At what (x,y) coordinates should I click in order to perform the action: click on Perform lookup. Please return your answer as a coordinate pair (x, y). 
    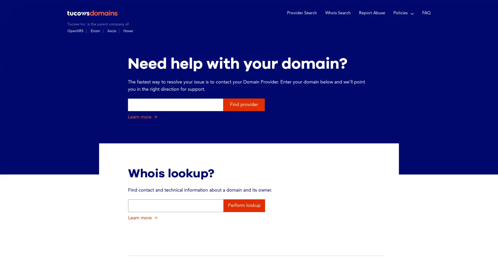
    Looking at the image, I should click on (244, 205).